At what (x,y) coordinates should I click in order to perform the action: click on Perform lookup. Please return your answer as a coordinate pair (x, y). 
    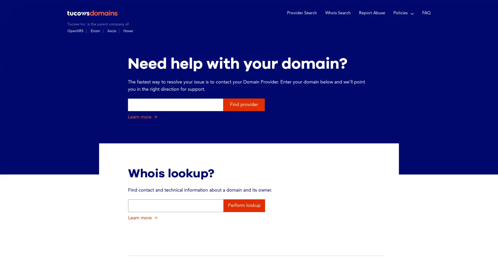
    Looking at the image, I should click on (244, 205).